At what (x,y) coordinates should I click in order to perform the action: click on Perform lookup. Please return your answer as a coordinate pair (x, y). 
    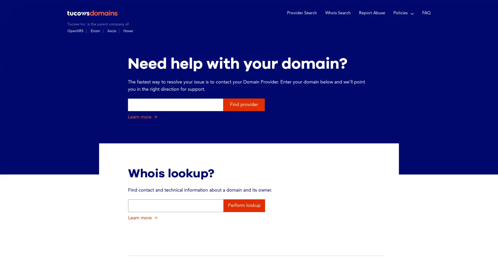
    Looking at the image, I should click on (244, 205).